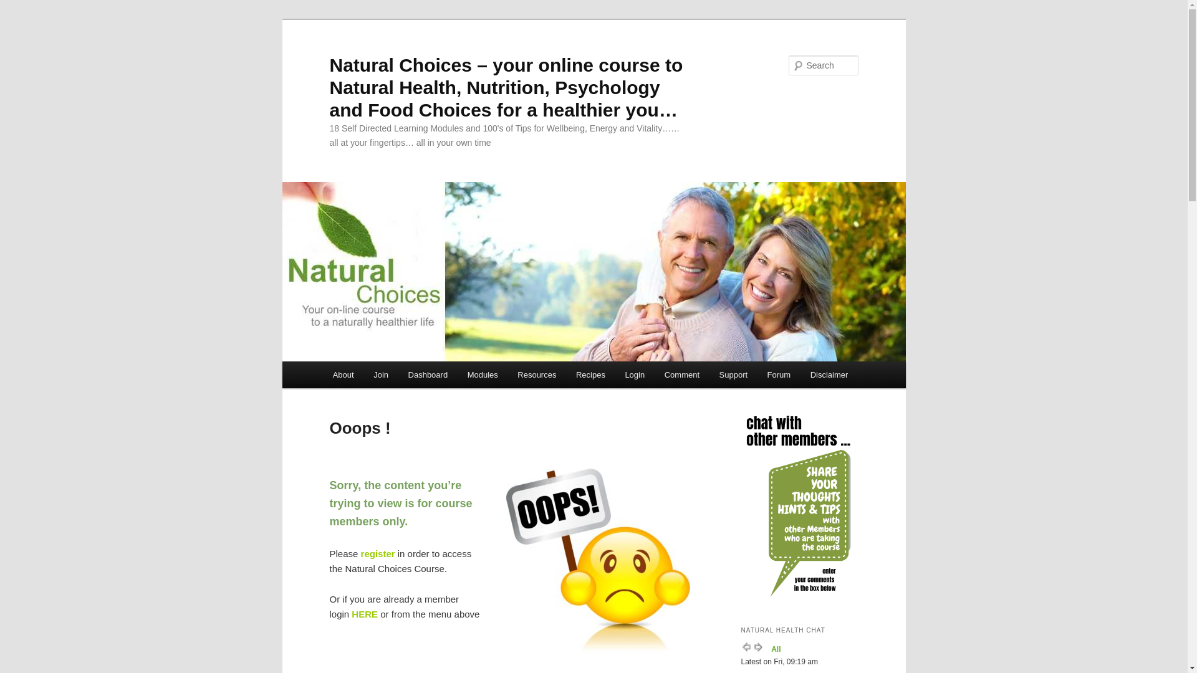 This screenshot has width=1197, height=673. Describe the element at coordinates (343, 374) in the screenshot. I see `'About'` at that location.